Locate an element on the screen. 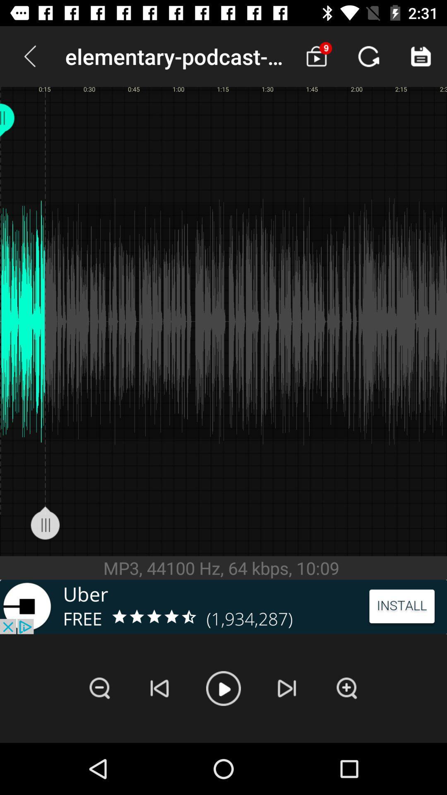 Image resolution: width=447 pixels, height=795 pixels. increase volume is located at coordinates (347, 688).